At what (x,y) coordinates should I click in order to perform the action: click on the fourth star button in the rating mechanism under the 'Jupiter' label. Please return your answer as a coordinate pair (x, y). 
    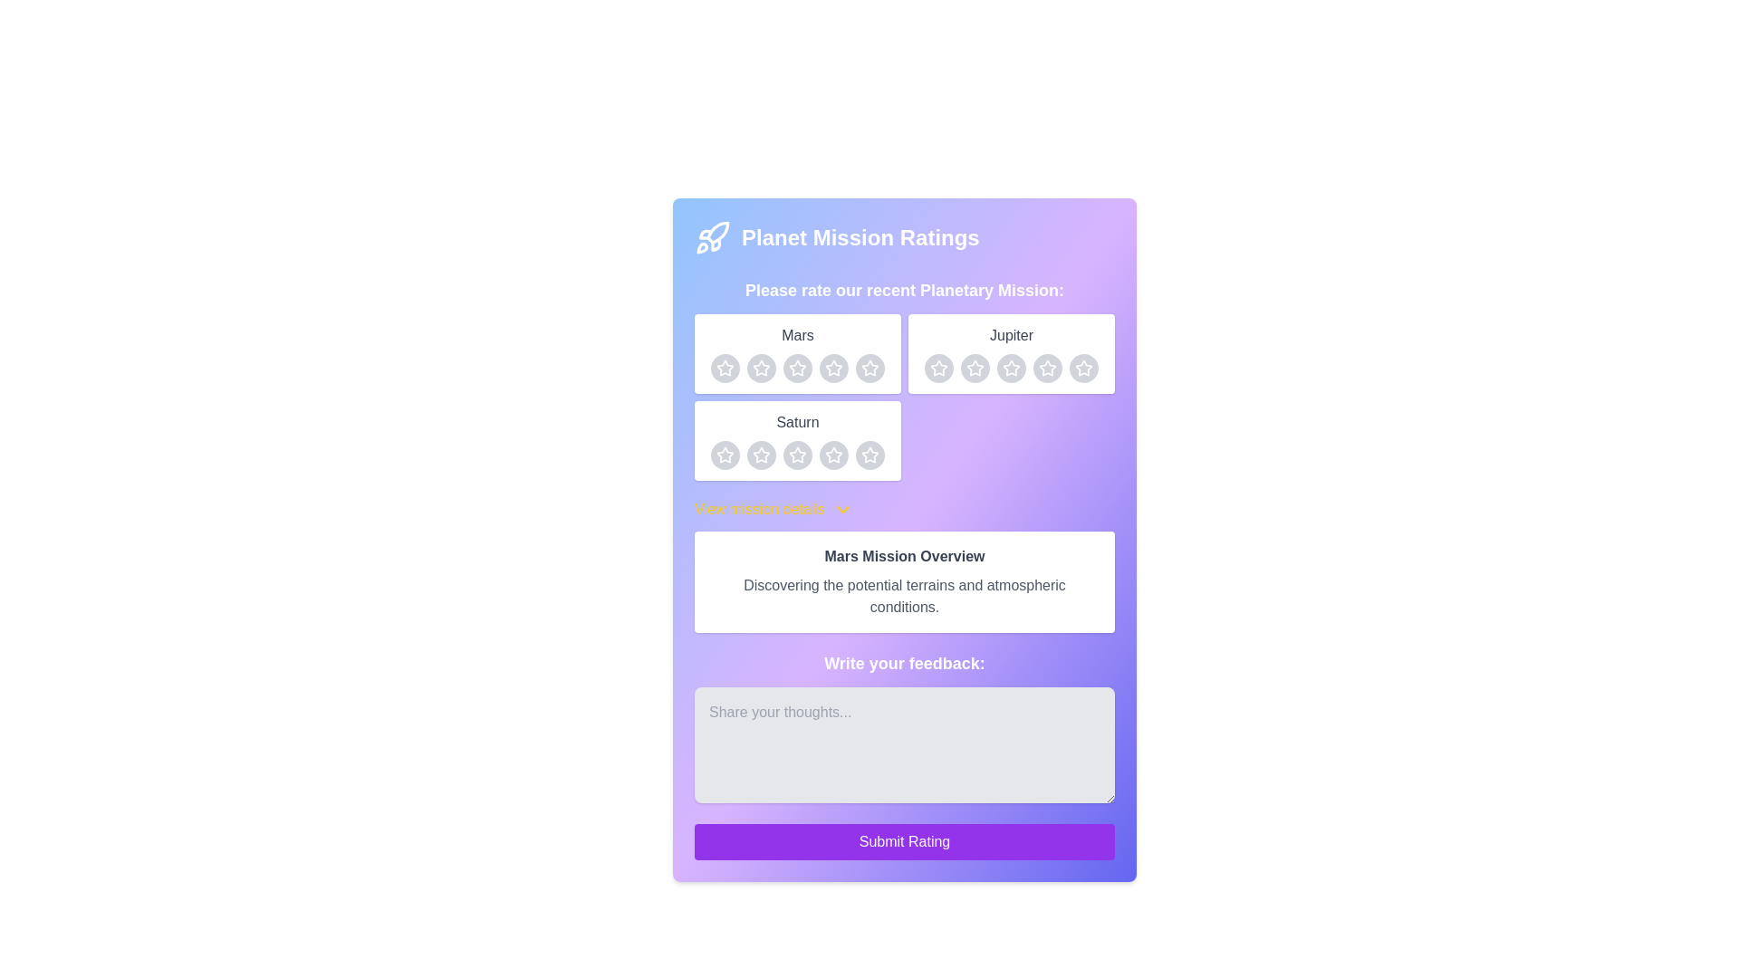
    Looking at the image, I should click on (1047, 368).